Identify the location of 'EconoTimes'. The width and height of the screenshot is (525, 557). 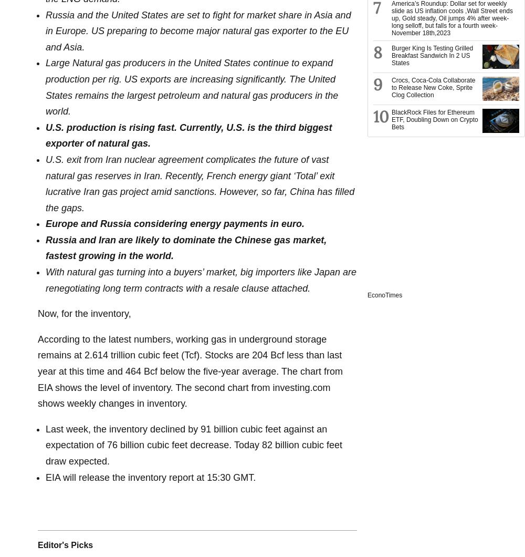
(384, 295).